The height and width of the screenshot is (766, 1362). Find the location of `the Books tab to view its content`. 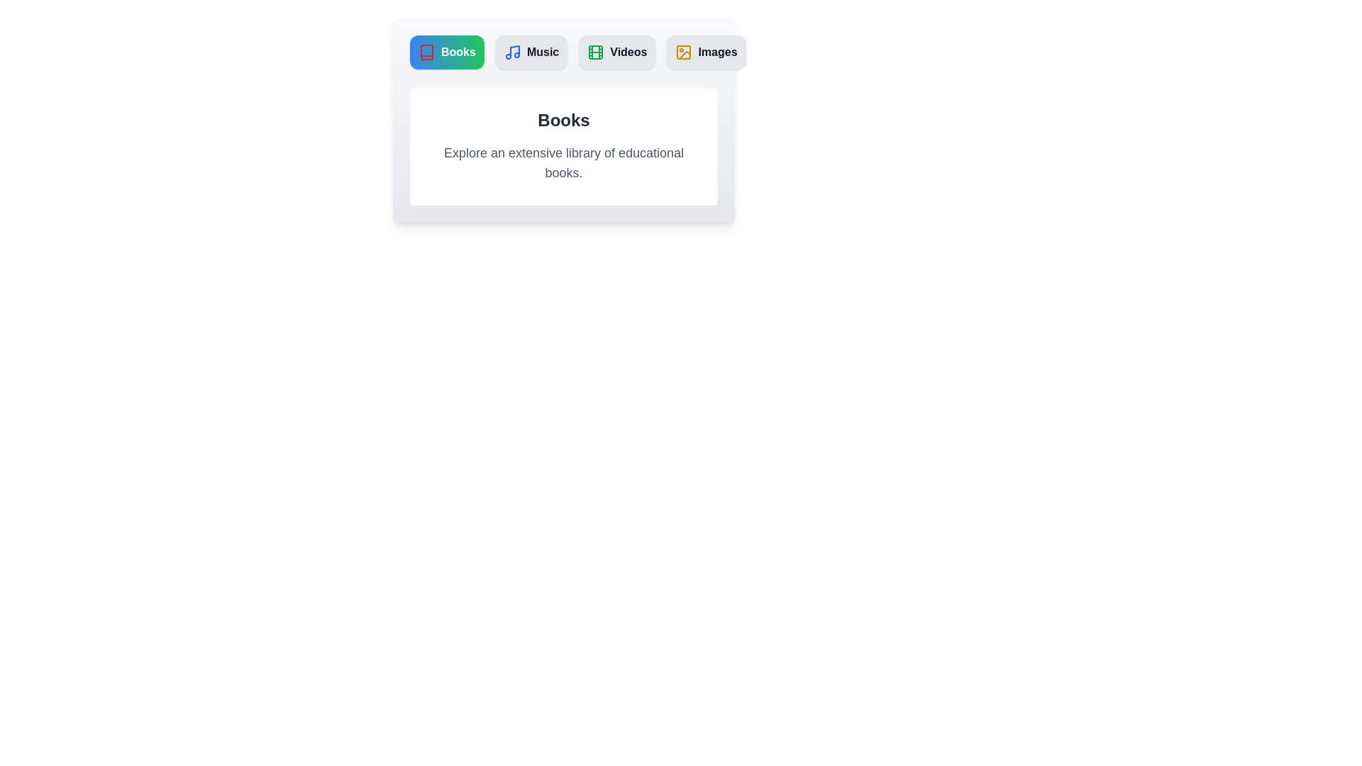

the Books tab to view its content is located at coordinates (446, 51).